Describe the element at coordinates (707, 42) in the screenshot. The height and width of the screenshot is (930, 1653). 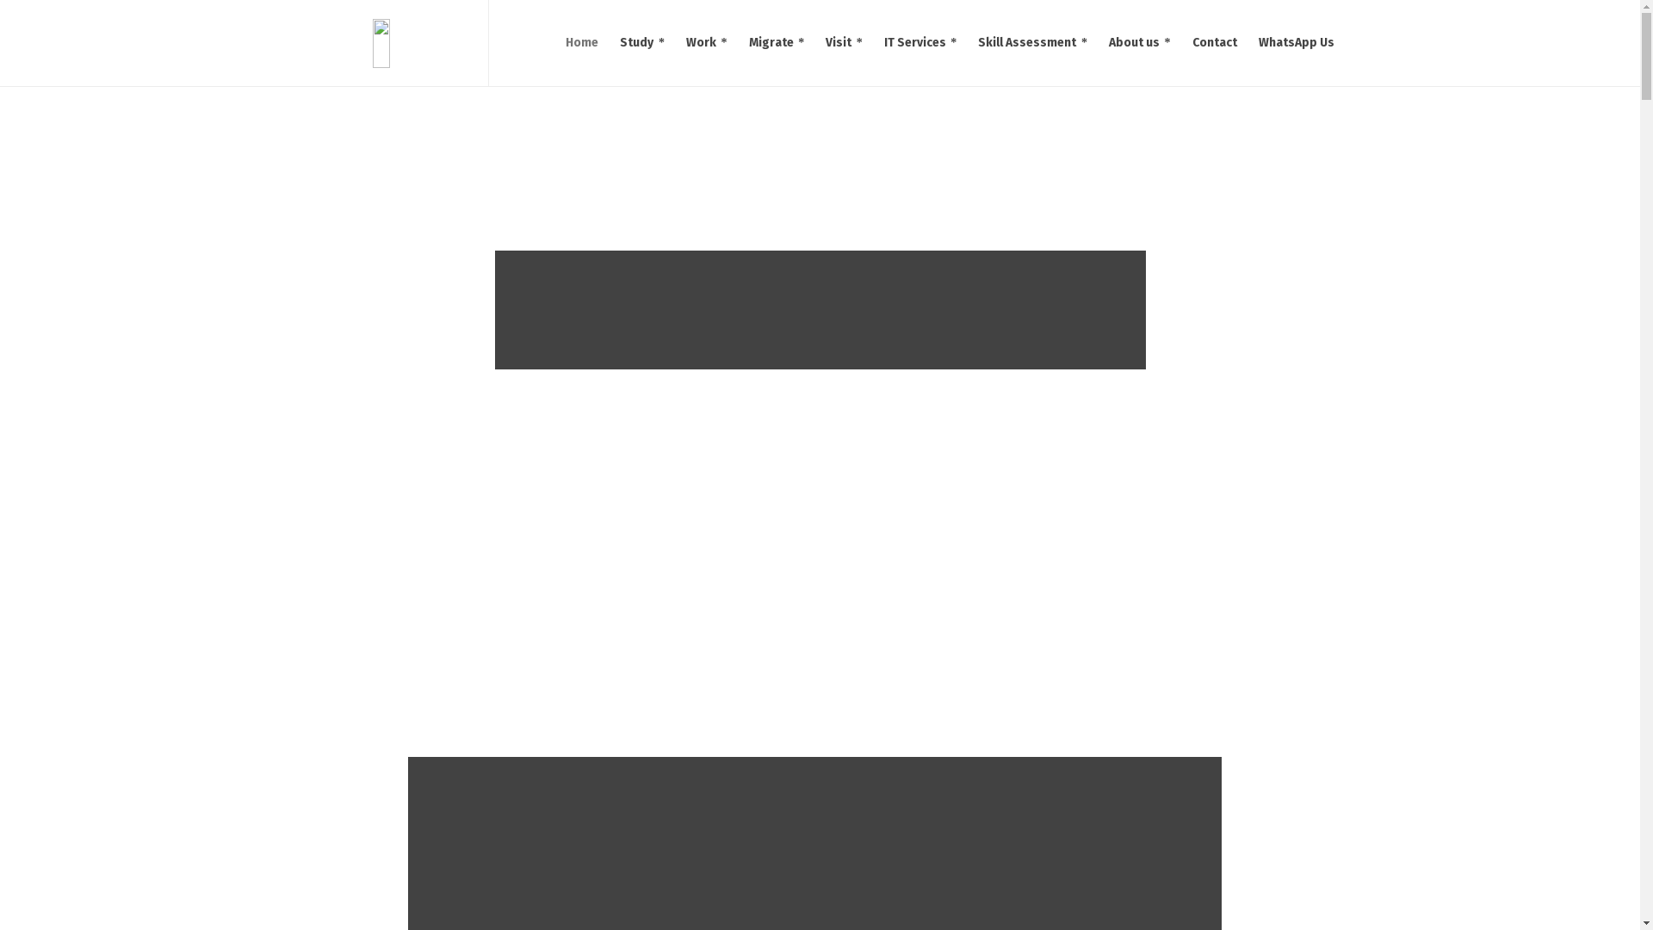
I see `'Work'` at that location.